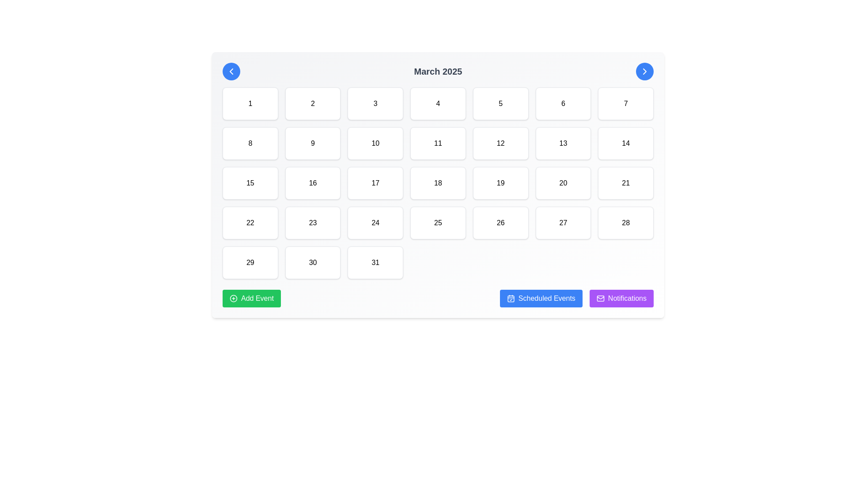 This screenshot has width=848, height=477. I want to click on the button displaying the number '30', so click(313, 262).